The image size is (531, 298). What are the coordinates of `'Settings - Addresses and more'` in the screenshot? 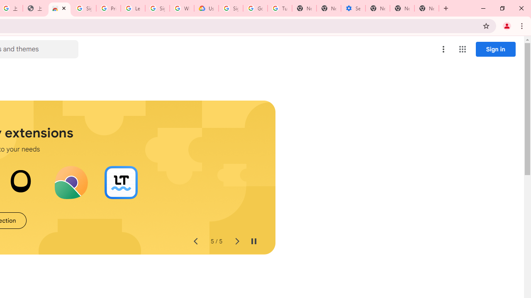 It's located at (353, 8).